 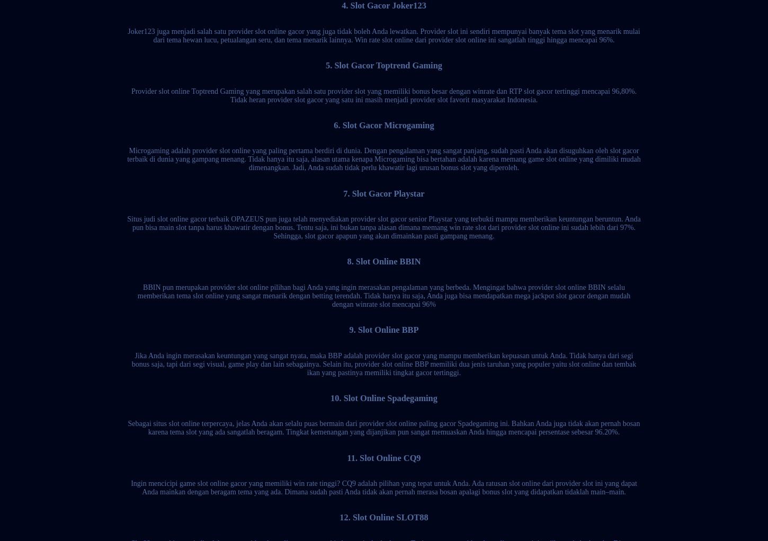 What do you see at coordinates (126, 227) in the screenshot?
I see `'Situs judi slot online gacor terbaik OPAZEUS pun juga telah menyediakan provider slot gacor senior Playstar yang terbukti mampu memberikan keuntungan beruntun. Anda pun bisa main slot tanpa harus khawatir dengan bonus. Tentu saja, ini bukan tanpa alasan dimana memang win rate slot dari provider slot online ini sudah lebih dari 97%. Sehingga, slot gacor apapun yang akan dimainkan pasti gampang menang.'` at bounding box center [126, 227].